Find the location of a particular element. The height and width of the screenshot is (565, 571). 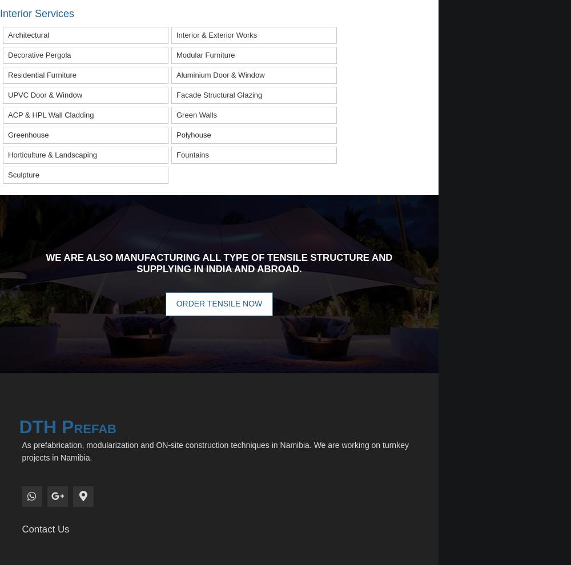

'Contact Us' is located at coordinates (45, 528).